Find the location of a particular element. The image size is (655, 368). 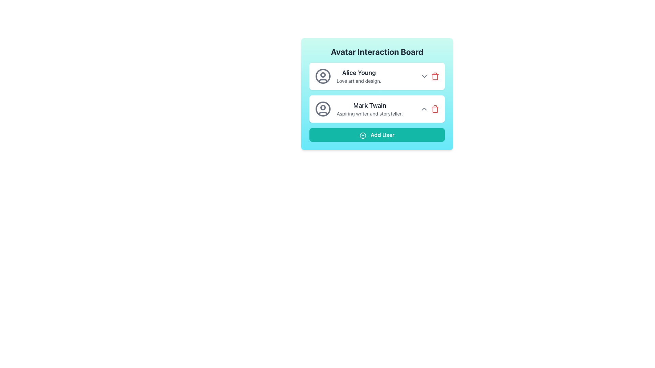

text block containing the user's name and descriptive information located in the first card of the 'Avatar Interaction Board', positioned to the right of the circular avatar icon is located at coordinates (359, 76).